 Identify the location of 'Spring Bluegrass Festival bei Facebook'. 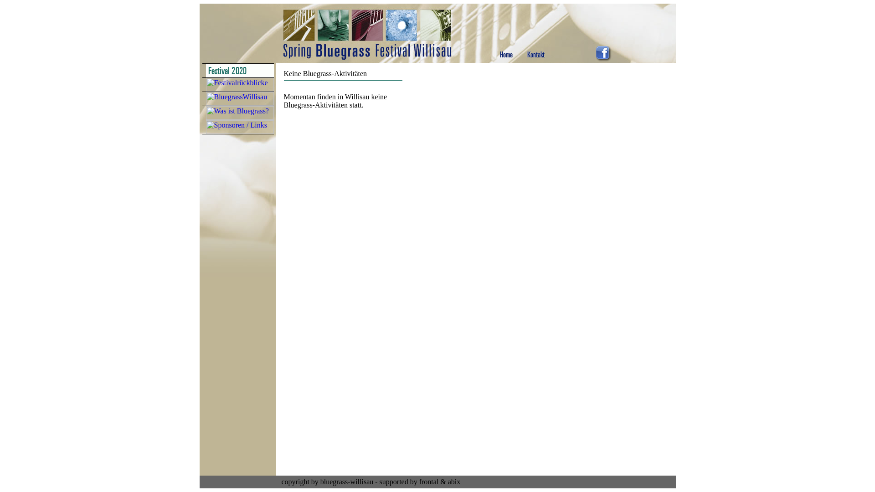
(603, 59).